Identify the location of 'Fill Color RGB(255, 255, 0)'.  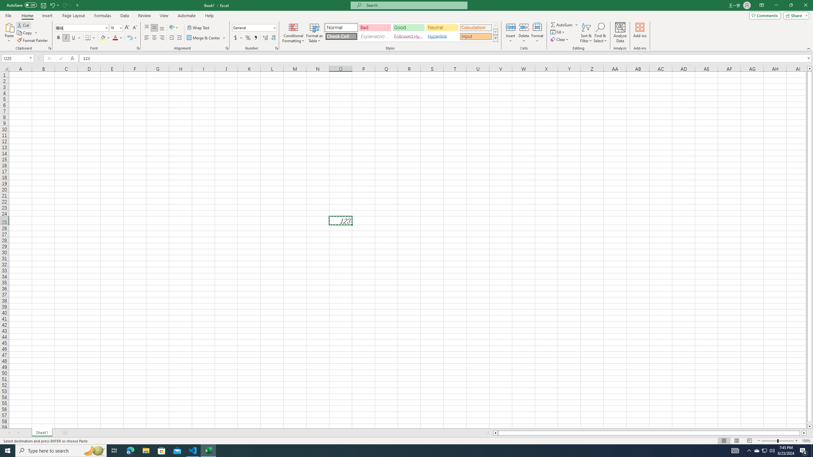
(102, 37).